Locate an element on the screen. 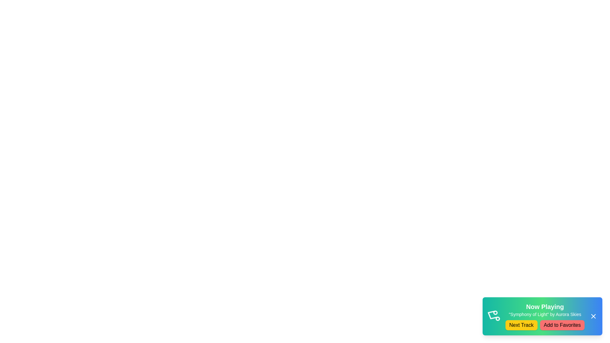 This screenshot has width=610, height=343. close button (X) to dismiss the snackbar is located at coordinates (593, 316).